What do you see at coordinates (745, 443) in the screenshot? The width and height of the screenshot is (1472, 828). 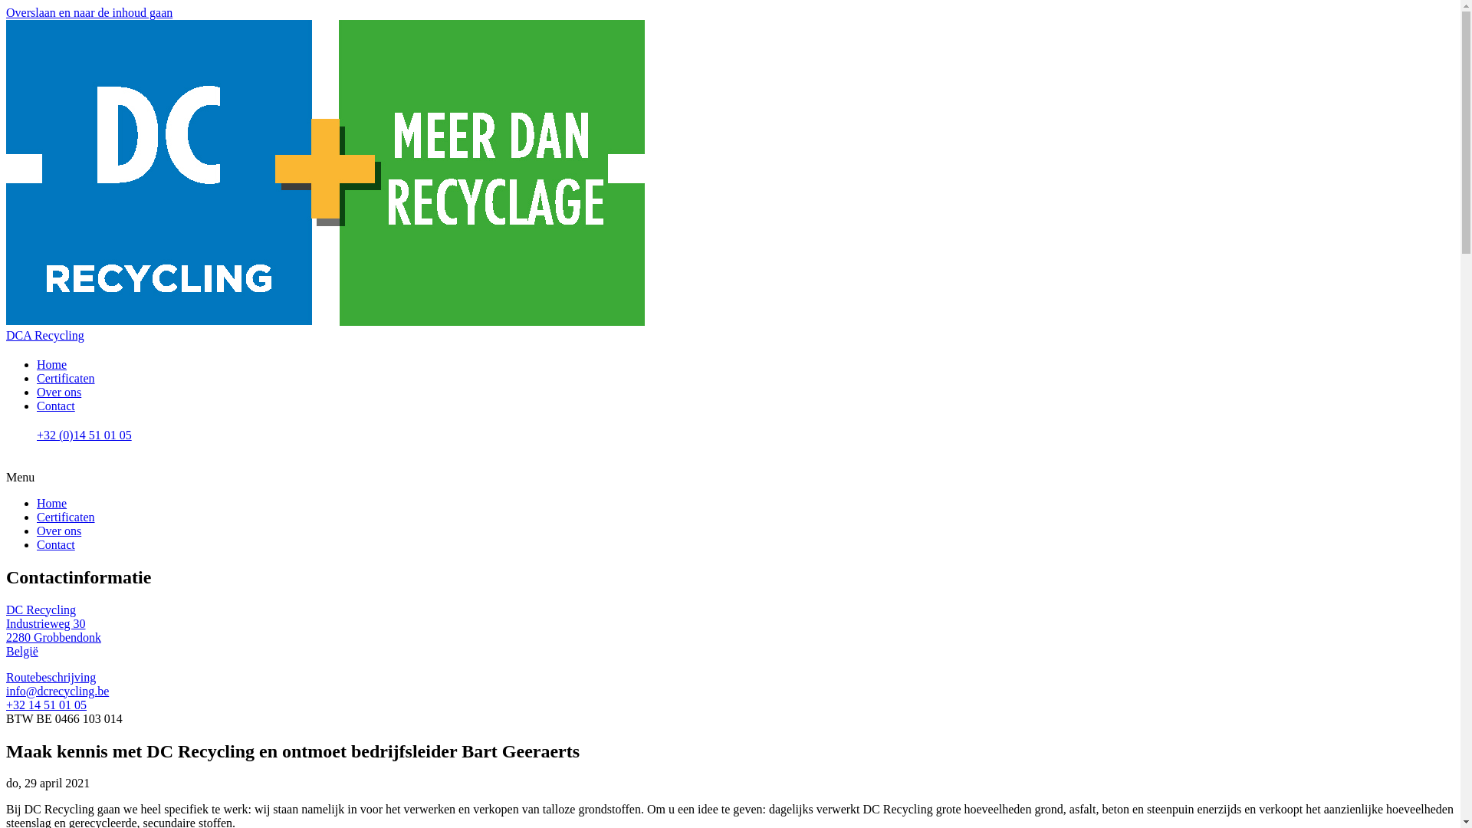 I see `'+32 (0)14 51 01 05'` at bounding box center [745, 443].